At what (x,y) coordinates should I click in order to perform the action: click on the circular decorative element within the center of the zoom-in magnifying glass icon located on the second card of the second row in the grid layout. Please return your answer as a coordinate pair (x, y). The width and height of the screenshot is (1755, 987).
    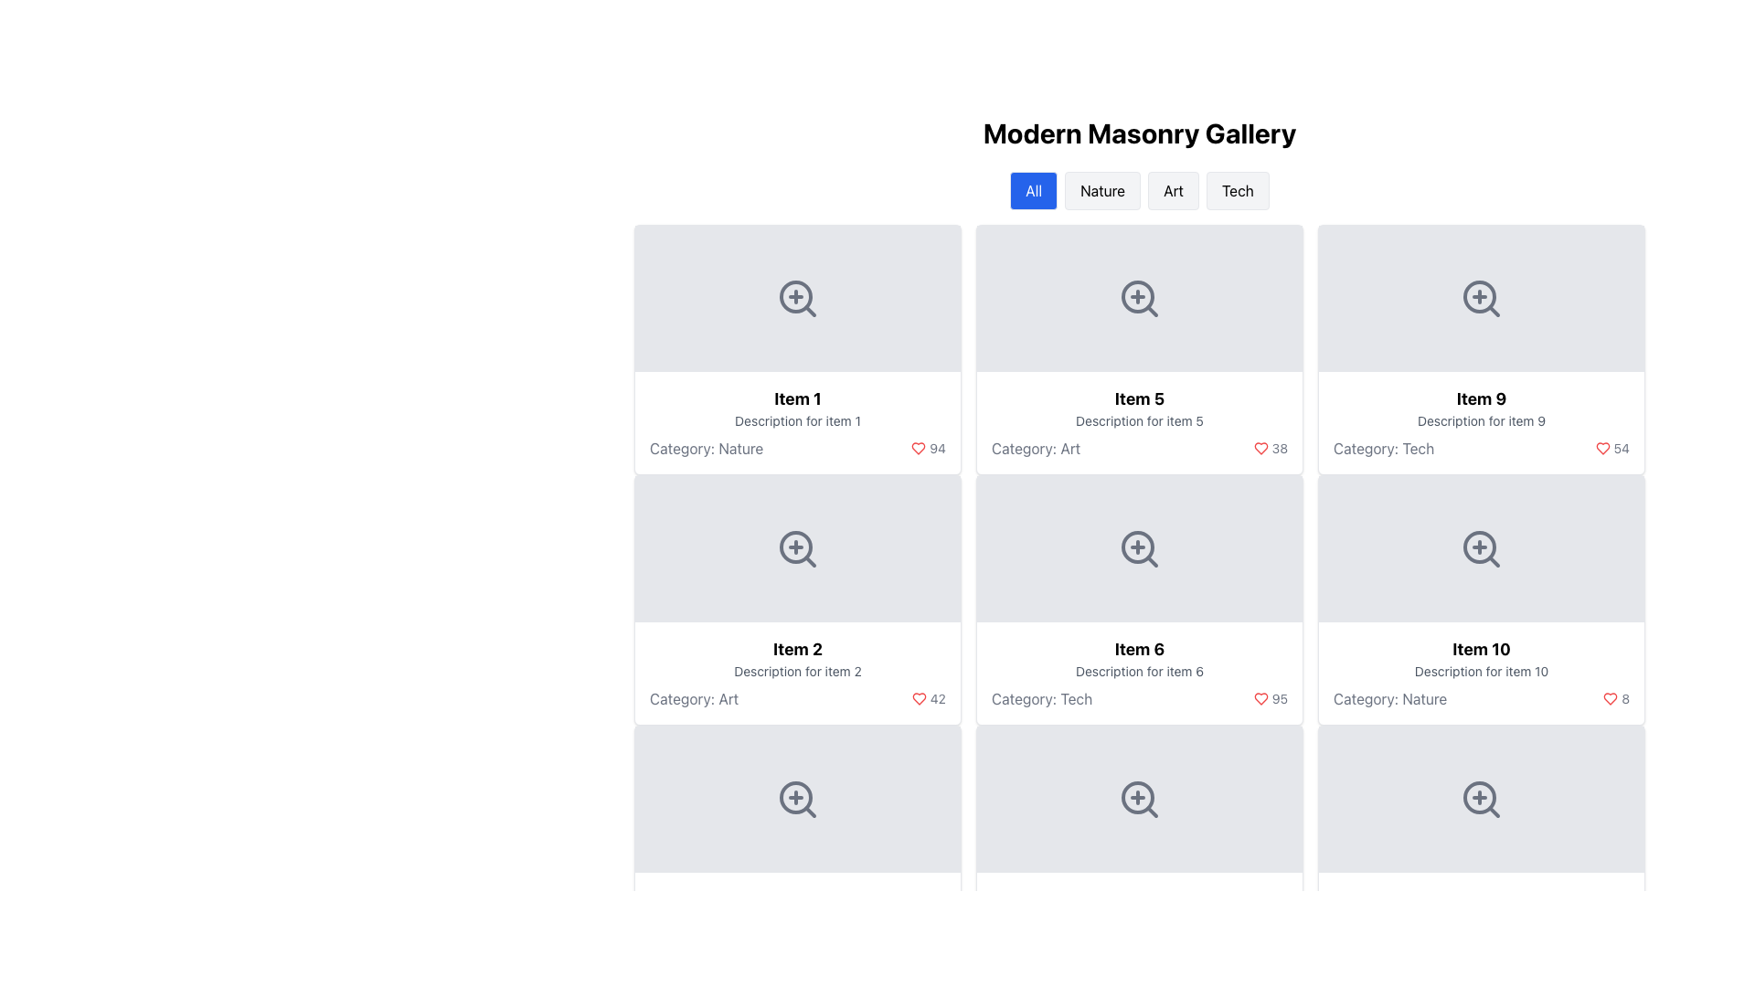
    Looking at the image, I should click on (1136, 546).